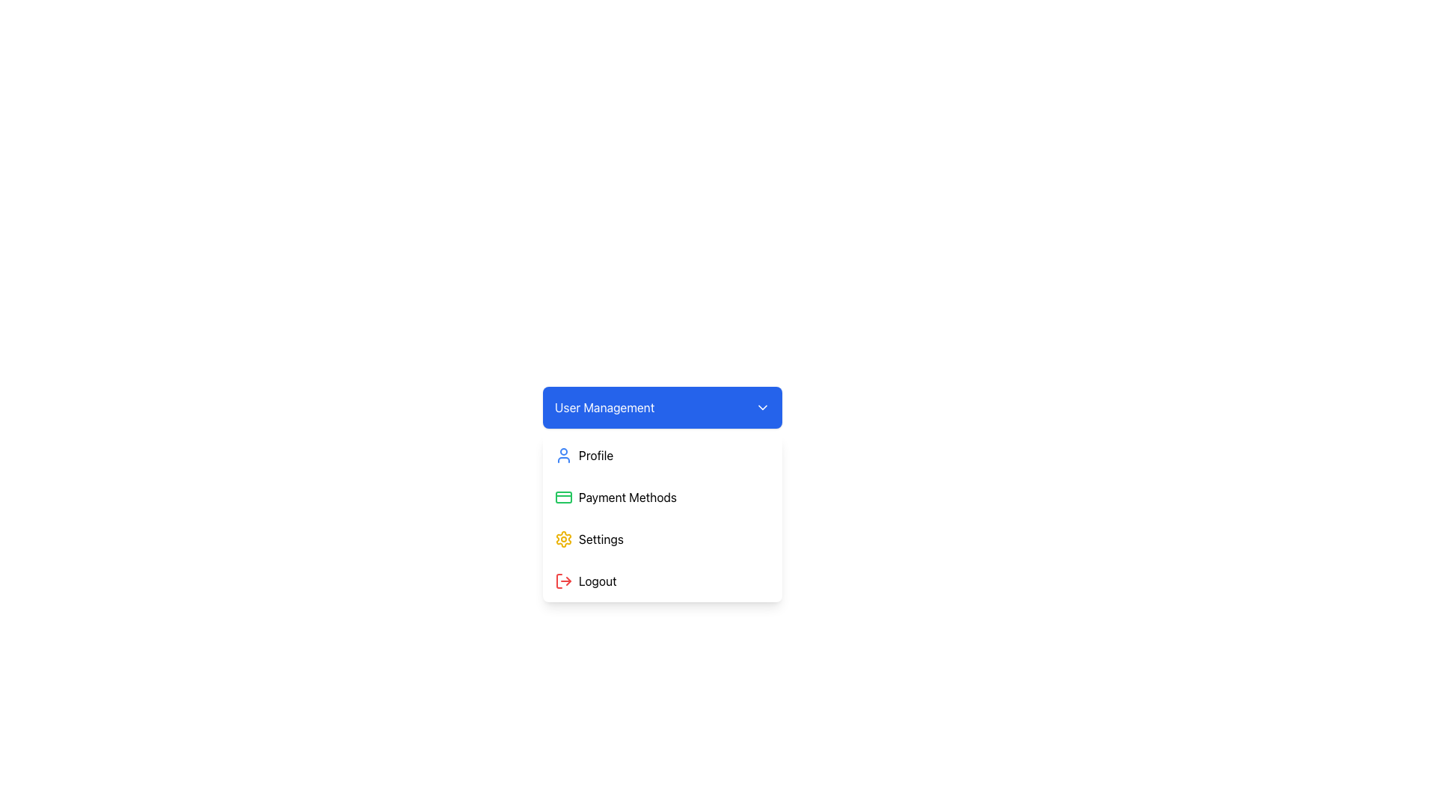  Describe the element at coordinates (662, 455) in the screenshot. I see `the 'Profile' menu item, which is the first item in the vertical dropdown menu of the 'User Management' section` at that location.